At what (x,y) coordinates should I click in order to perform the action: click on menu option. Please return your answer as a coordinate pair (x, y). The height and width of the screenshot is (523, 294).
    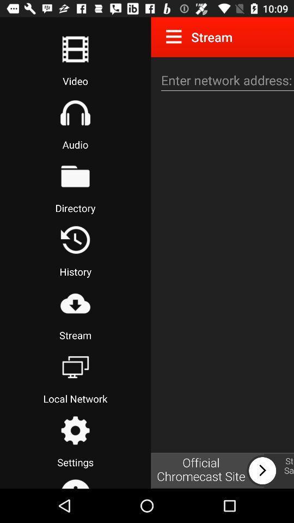
    Looking at the image, I should click on (176, 37).